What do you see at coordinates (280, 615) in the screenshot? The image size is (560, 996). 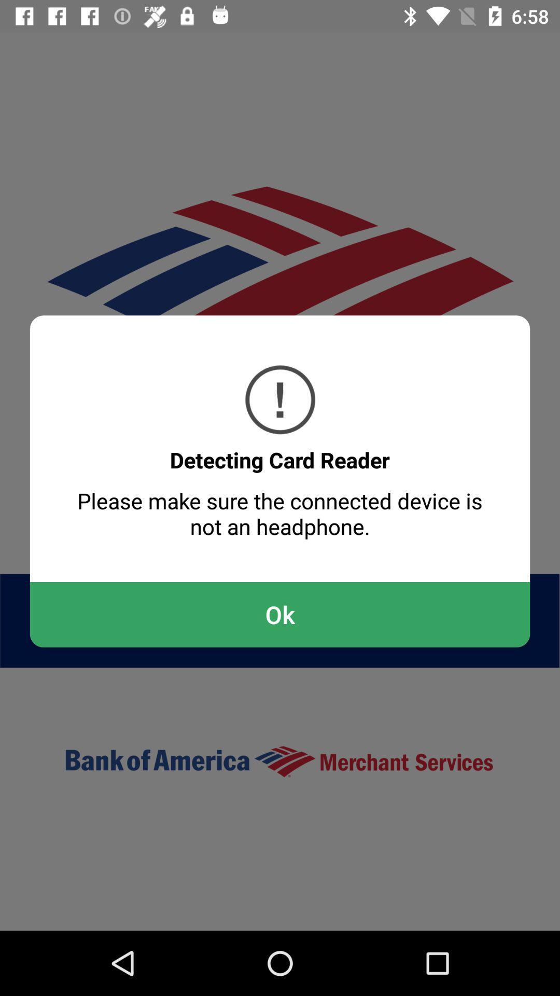 I see `icon below the please make sure item` at bounding box center [280, 615].